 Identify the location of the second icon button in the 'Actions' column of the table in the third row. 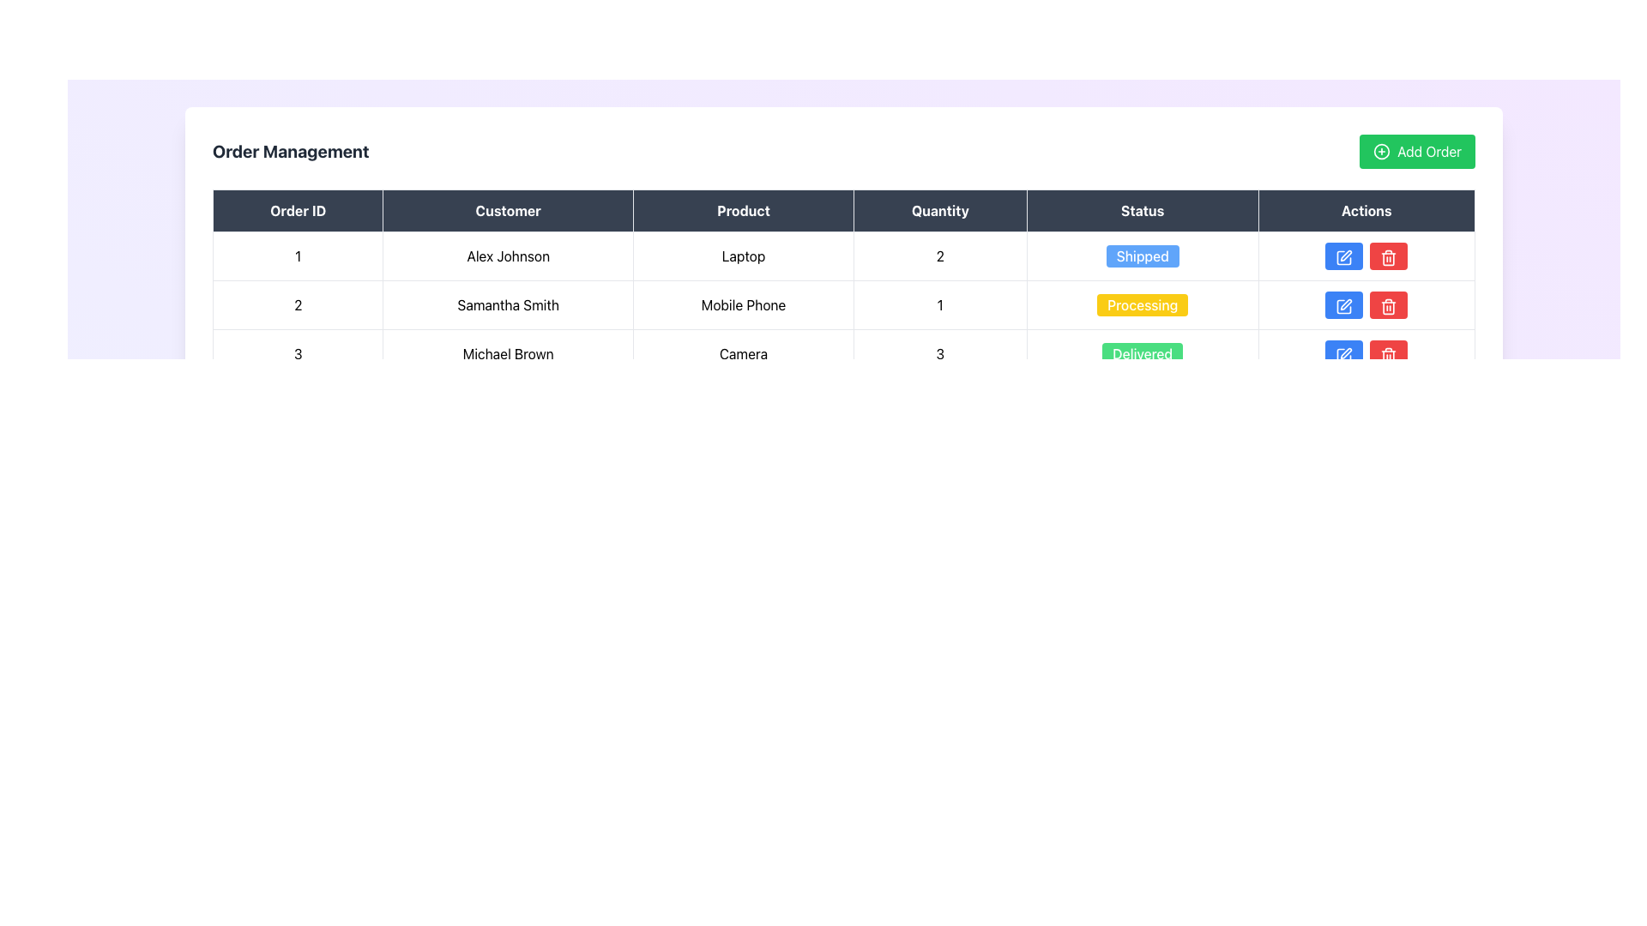
(1389, 257).